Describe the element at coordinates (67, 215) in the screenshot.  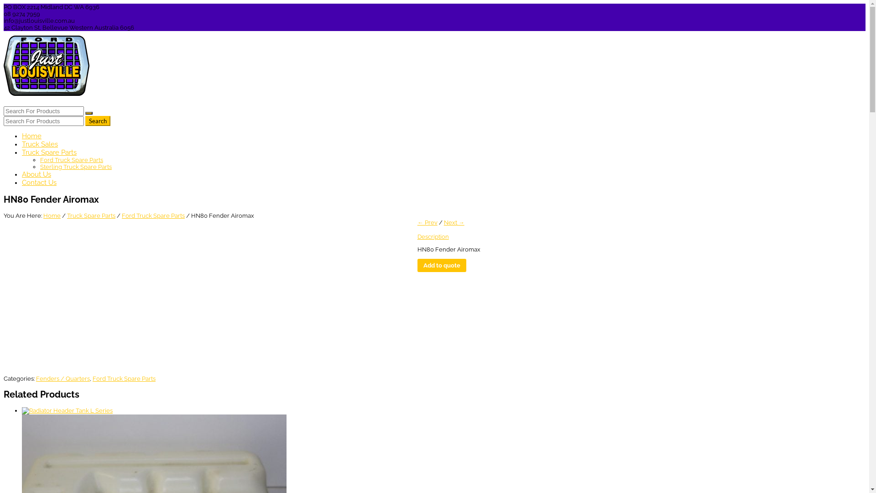
I see `'Truck Spare Parts'` at that location.